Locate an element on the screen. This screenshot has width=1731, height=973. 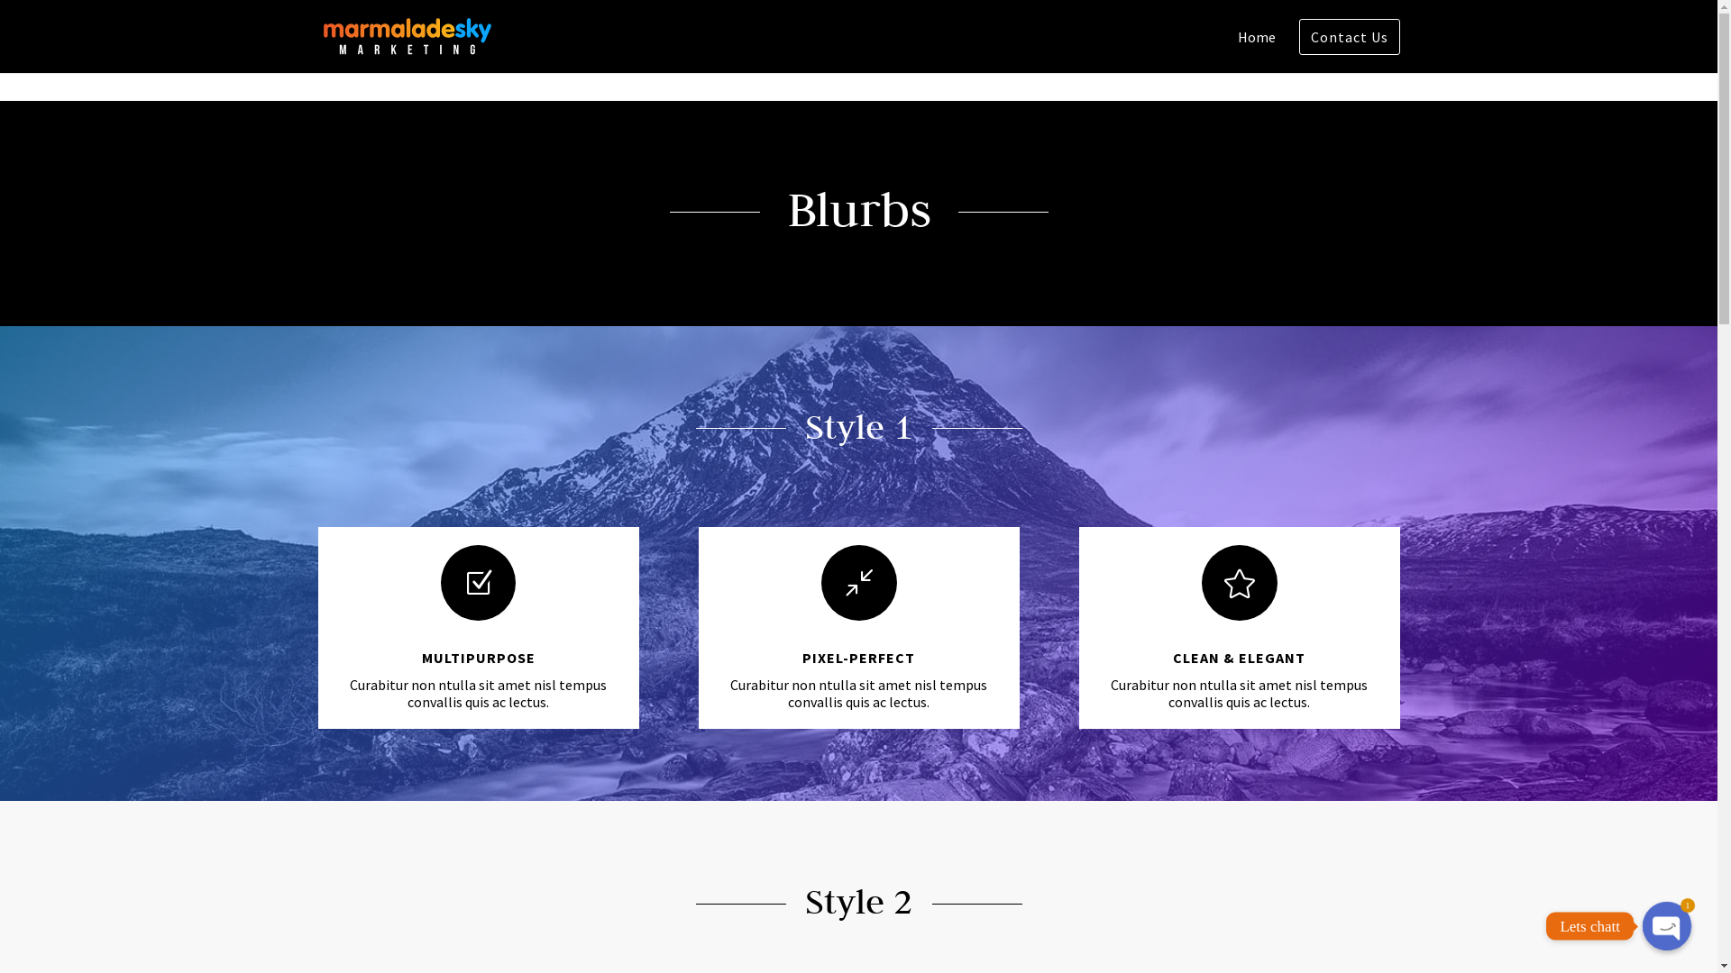
'Contact Us' is located at coordinates (404, 900).